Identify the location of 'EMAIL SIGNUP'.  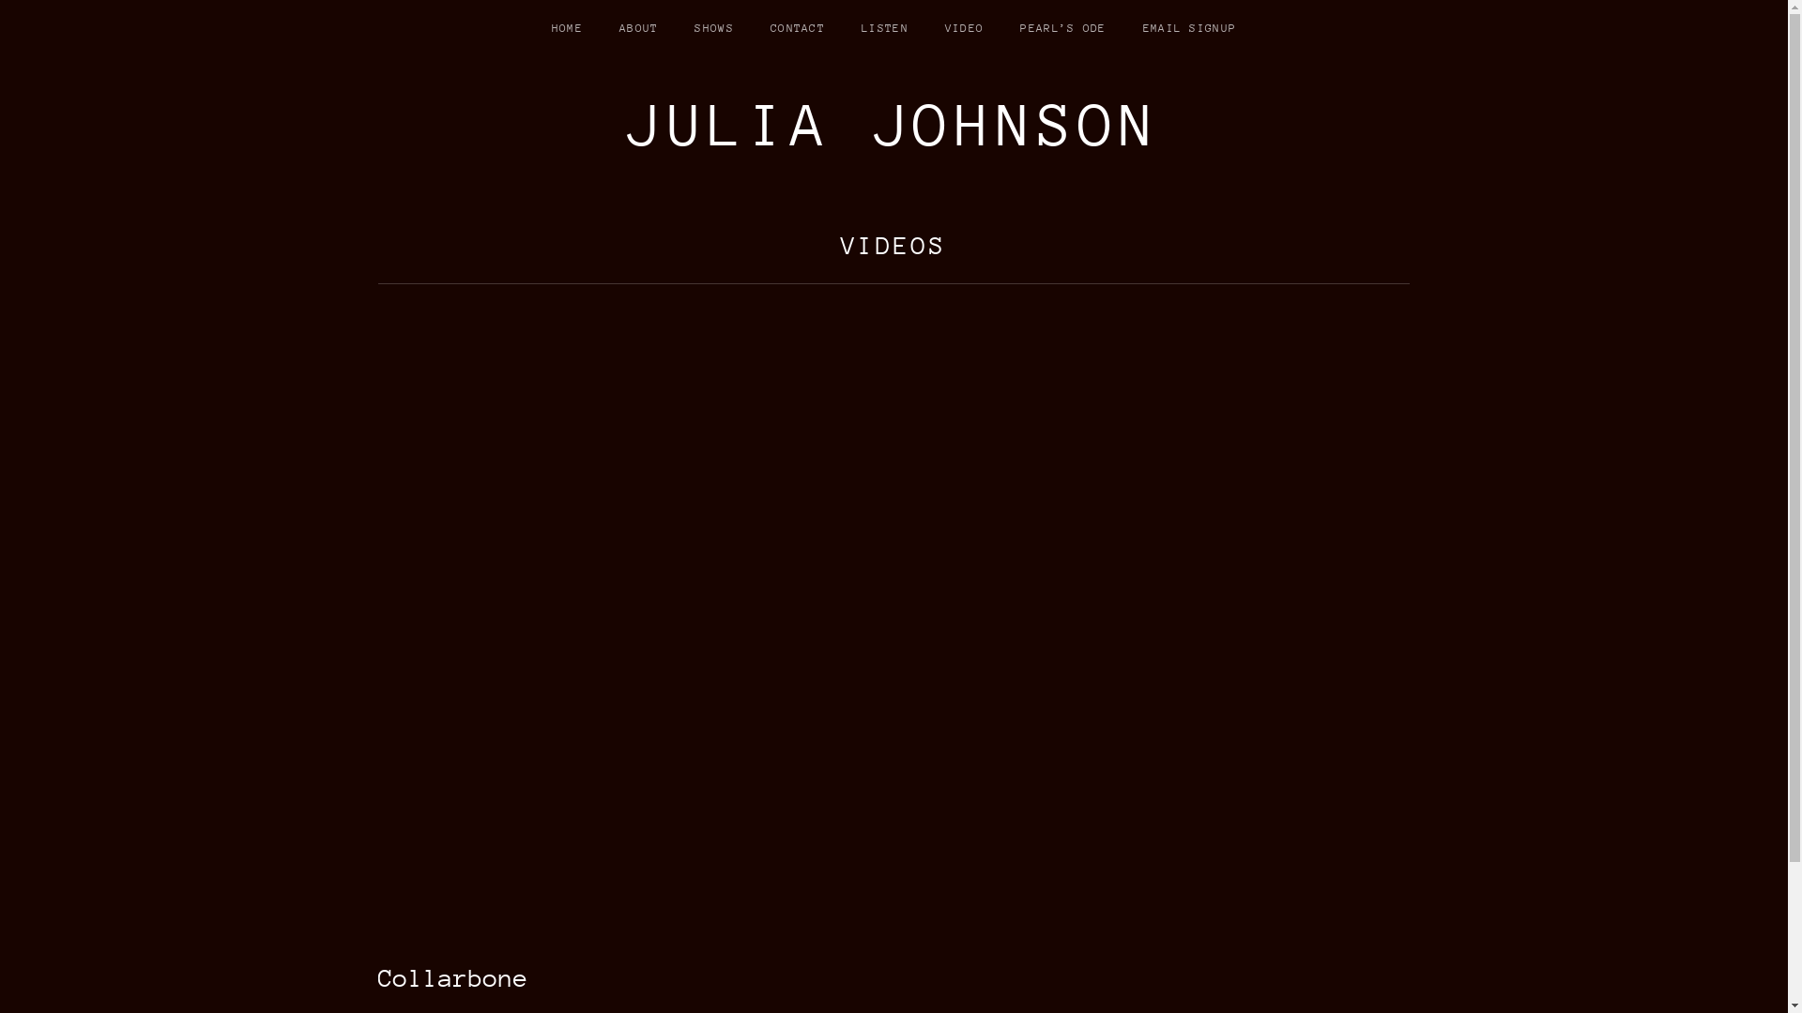
(1188, 28).